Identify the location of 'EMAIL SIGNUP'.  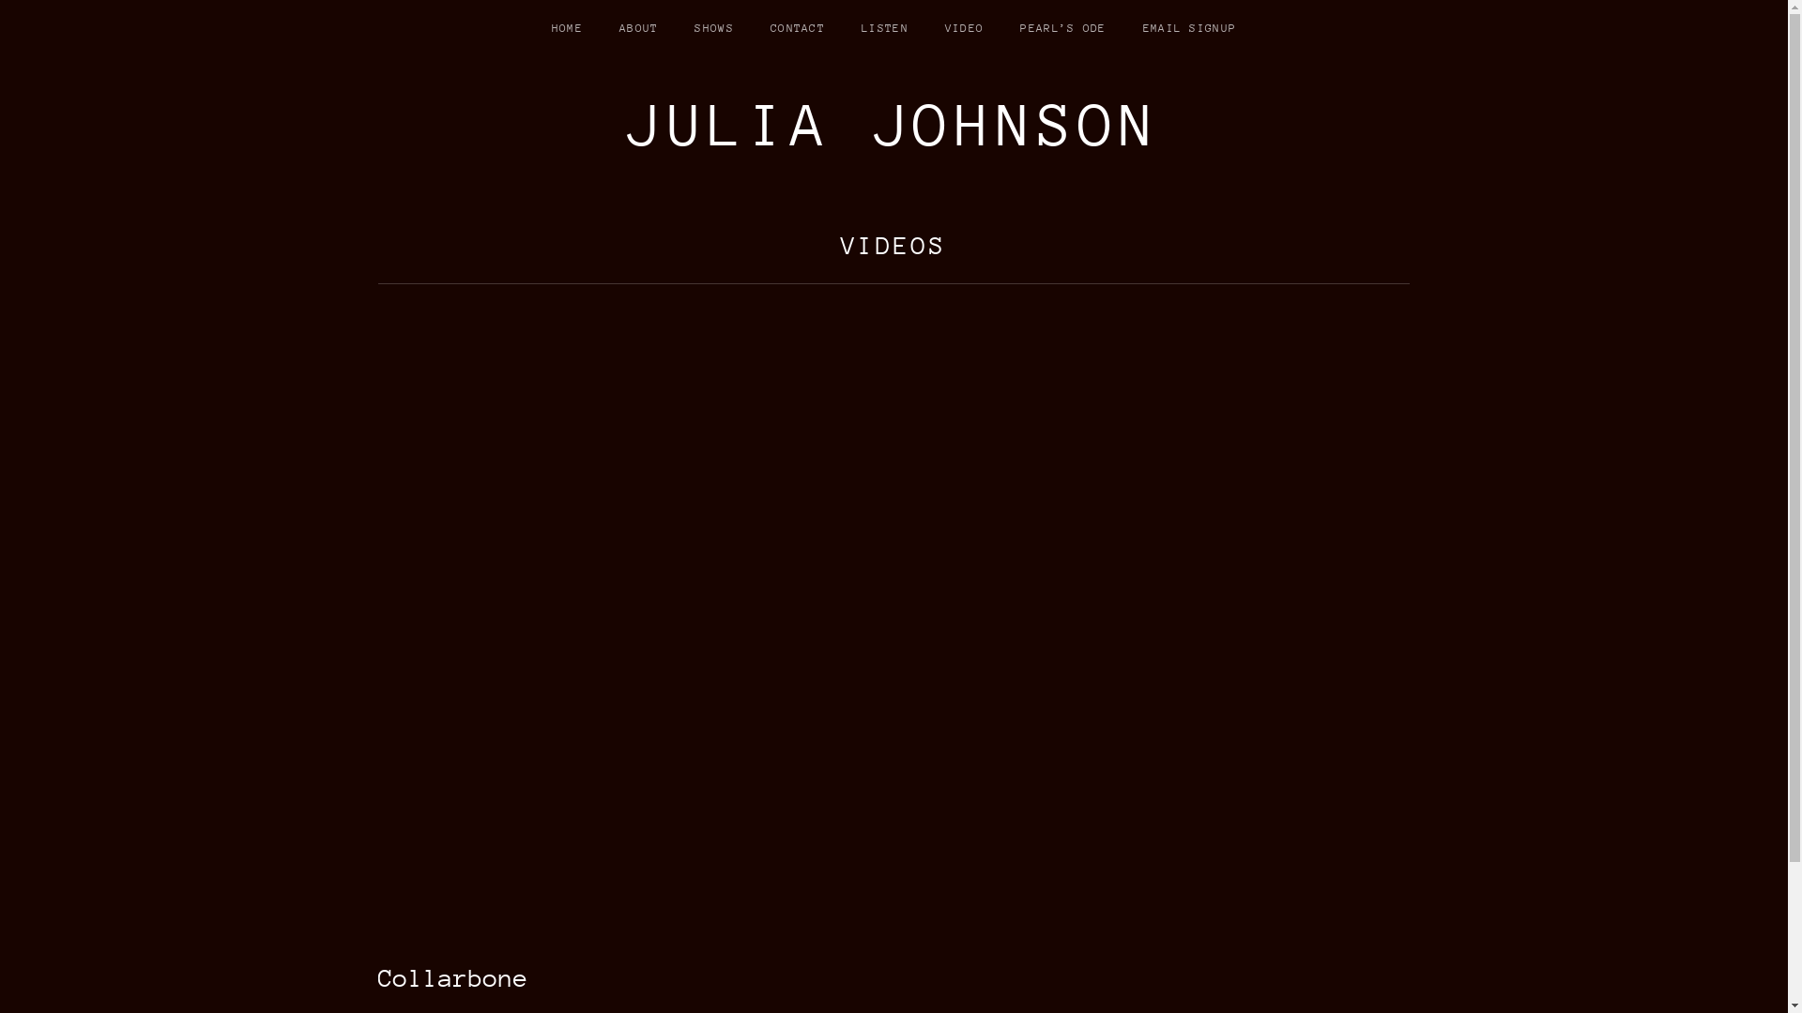
(1188, 28).